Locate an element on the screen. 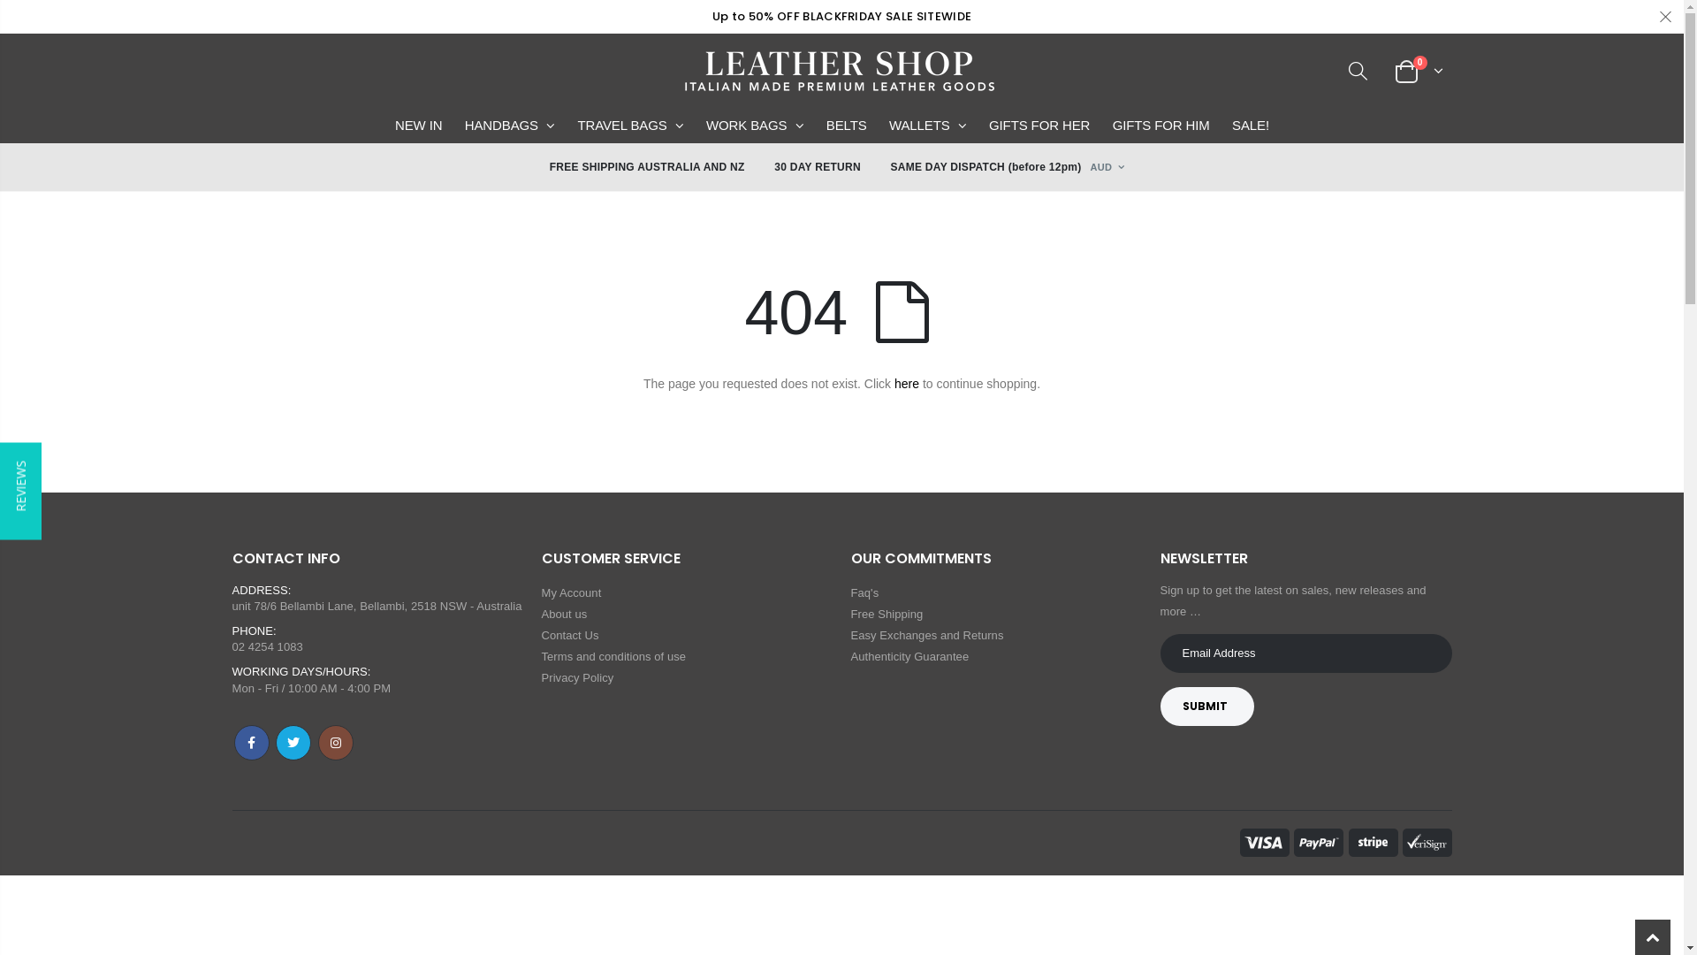  'AFN' is located at coordinates (1105, 221).